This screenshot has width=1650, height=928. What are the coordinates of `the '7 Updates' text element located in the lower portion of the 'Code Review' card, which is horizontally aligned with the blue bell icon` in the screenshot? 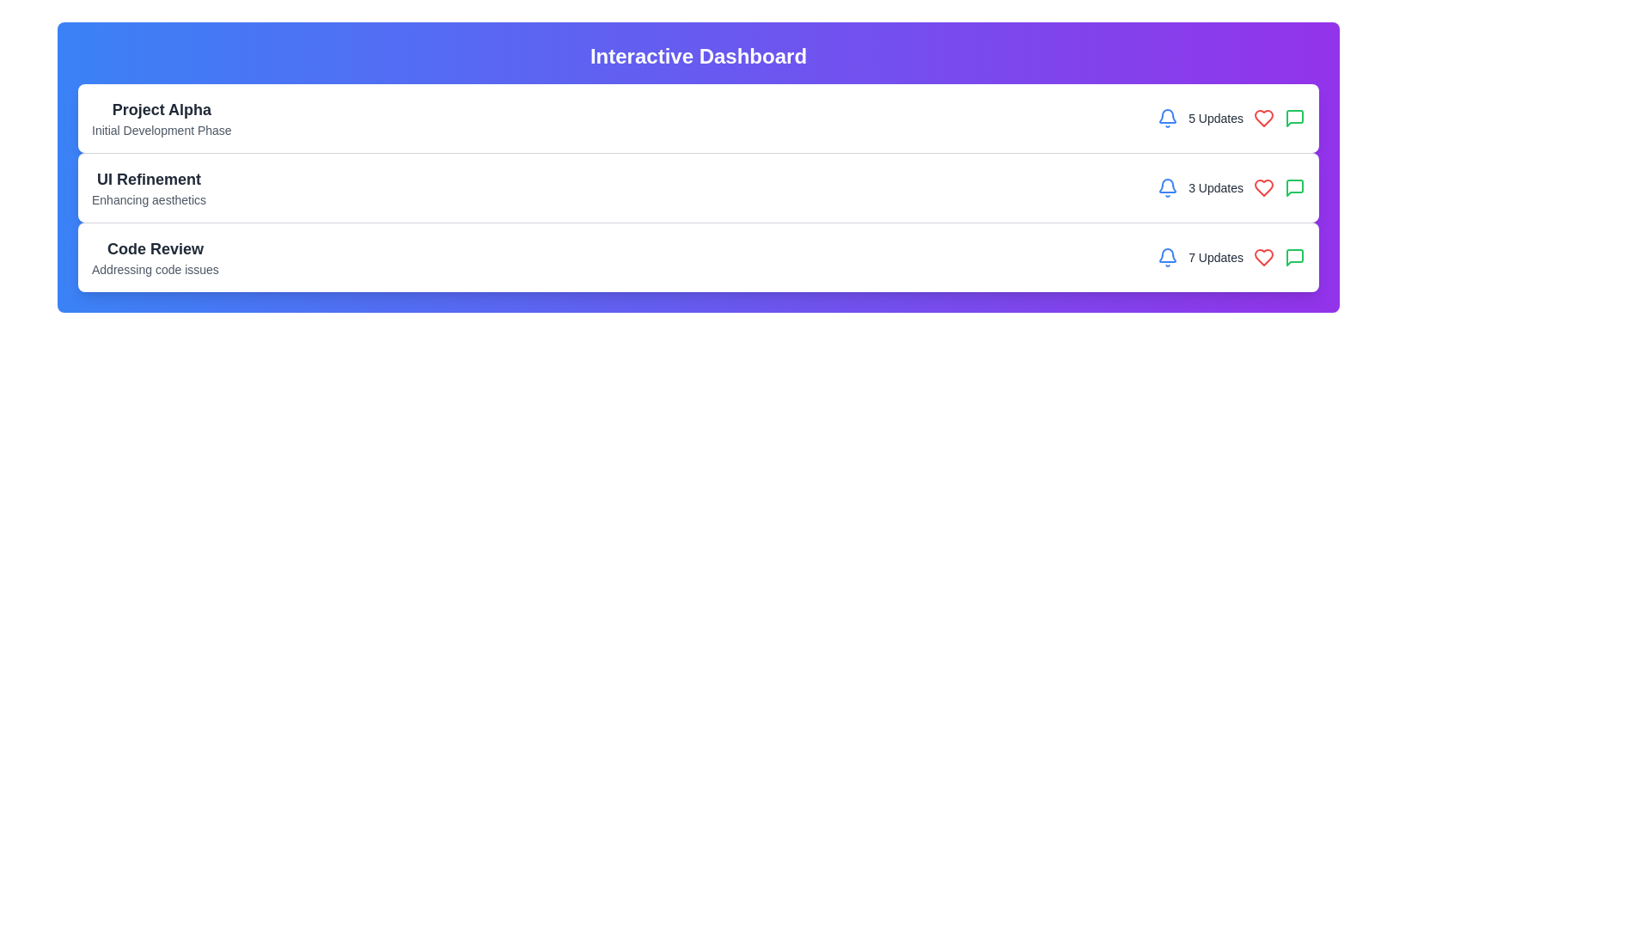 It's located at (1231, 258).